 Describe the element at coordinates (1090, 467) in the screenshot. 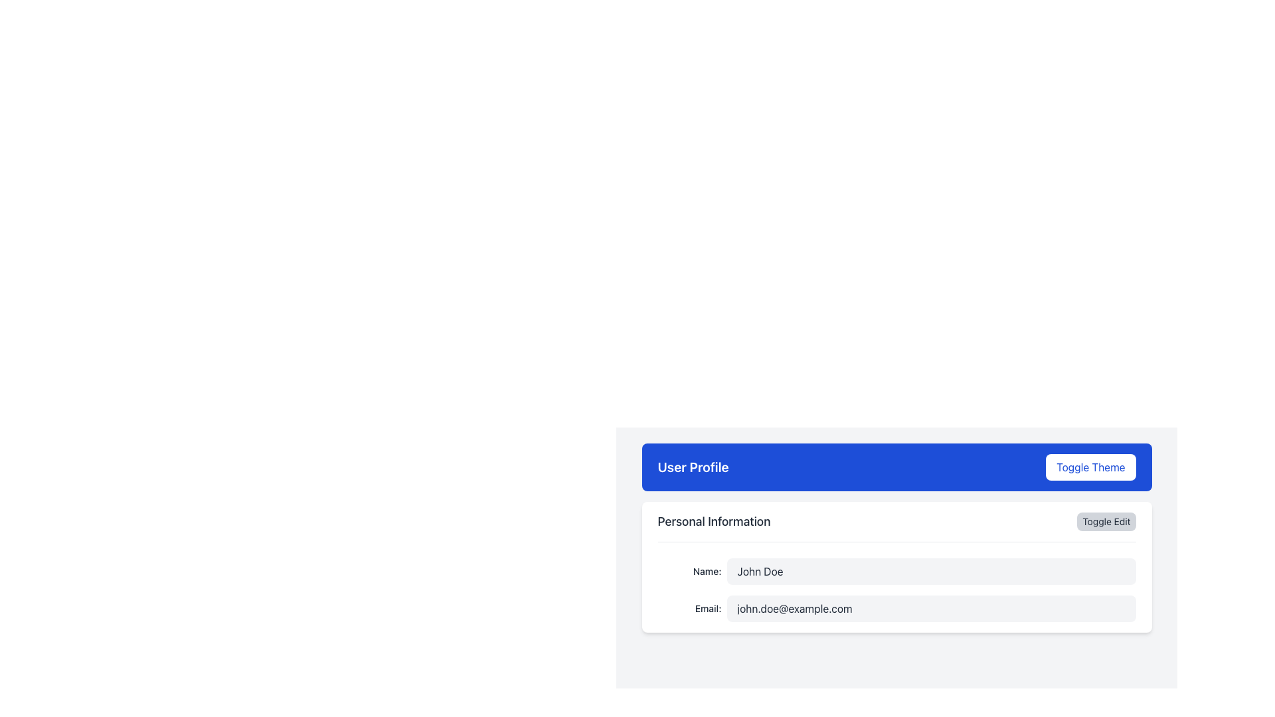

I see `the 'Toggle Theme' button located at the top-right corner of the blue banner containing 'User Profile'` at that location.